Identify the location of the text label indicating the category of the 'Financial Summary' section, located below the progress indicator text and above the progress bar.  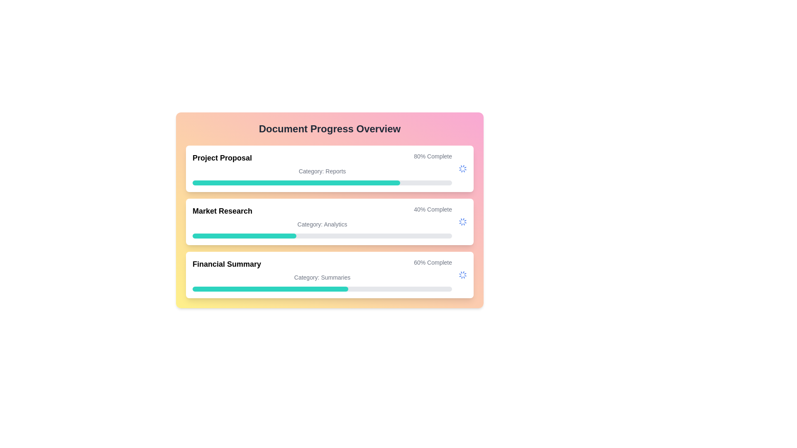
(322, 277).